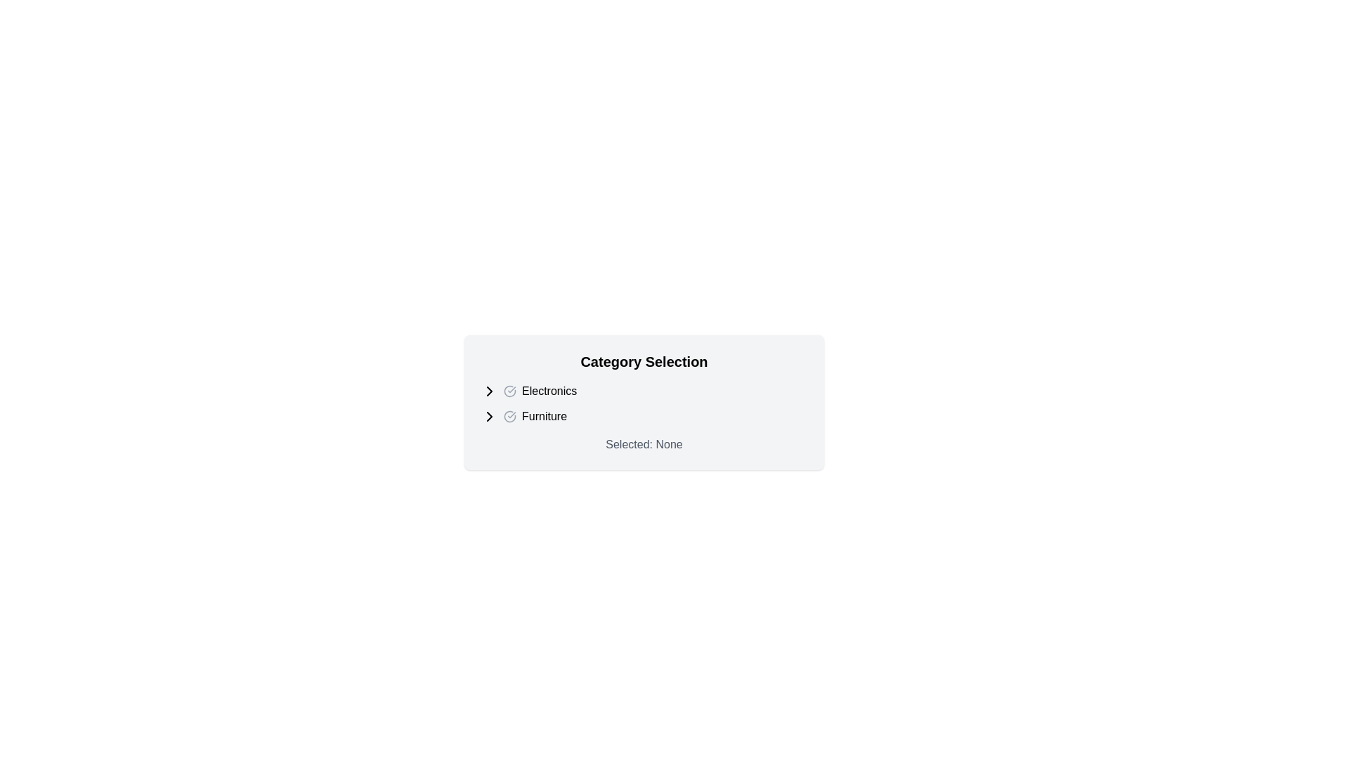  Describe the element at coordinates (489, 416) in the screenshot. I see `the right-pointing chevron icon, which is positioned` at that location.